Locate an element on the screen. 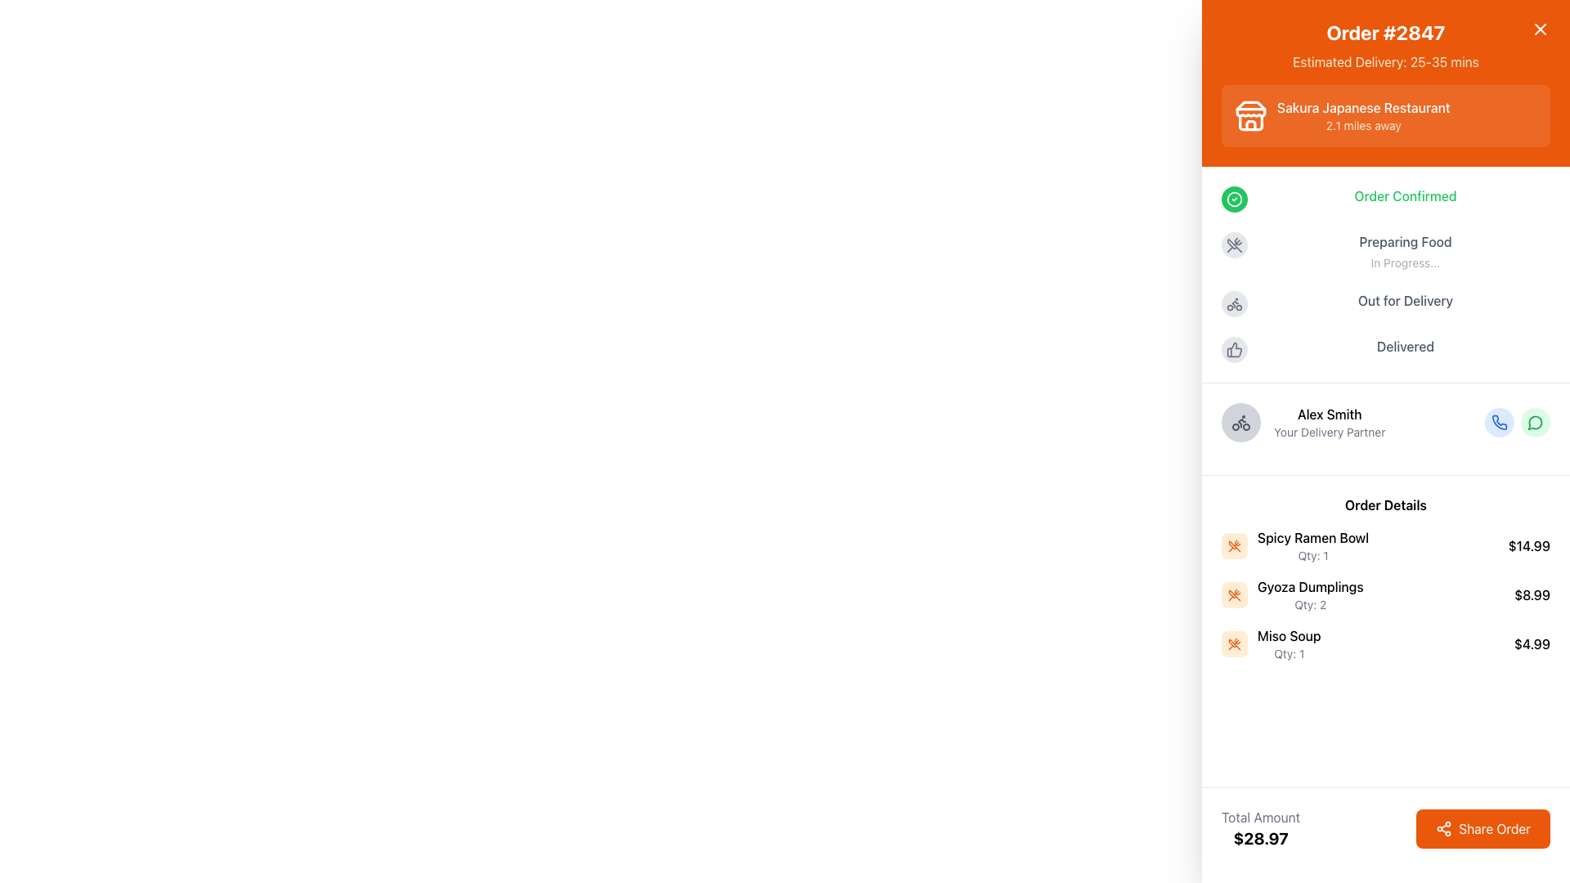 This screenshot has width=1570, height=883. the 'Preparing Food' text label, which displays the status of food preparation in a progress tracking interface is located at coordinates (1404, 242).